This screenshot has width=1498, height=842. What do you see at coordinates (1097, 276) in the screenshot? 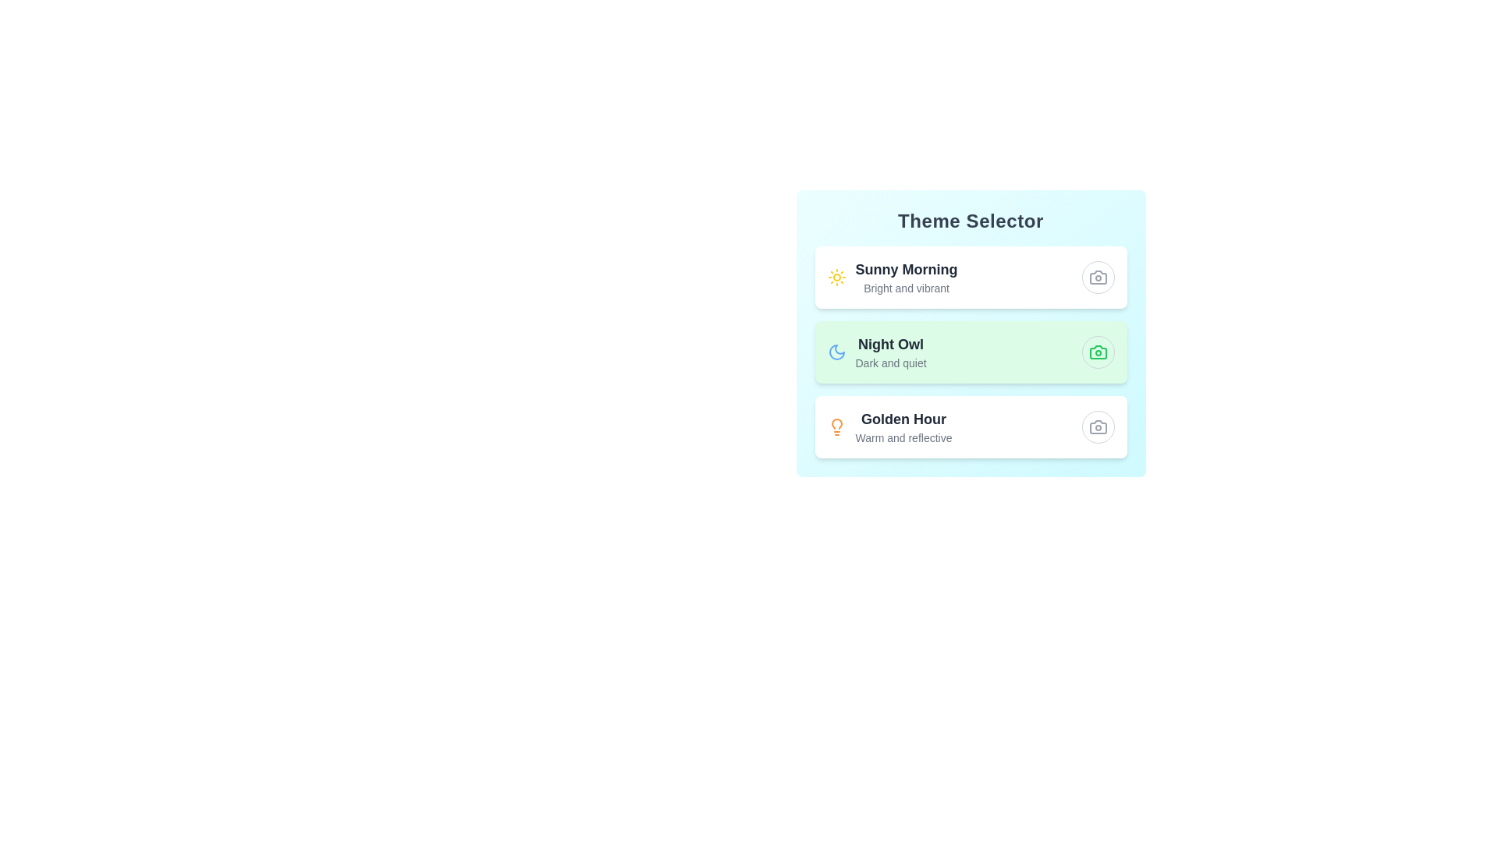
I see `the theme Sunny Morning by clicking its respective button` at bounding box center [1097, 276].